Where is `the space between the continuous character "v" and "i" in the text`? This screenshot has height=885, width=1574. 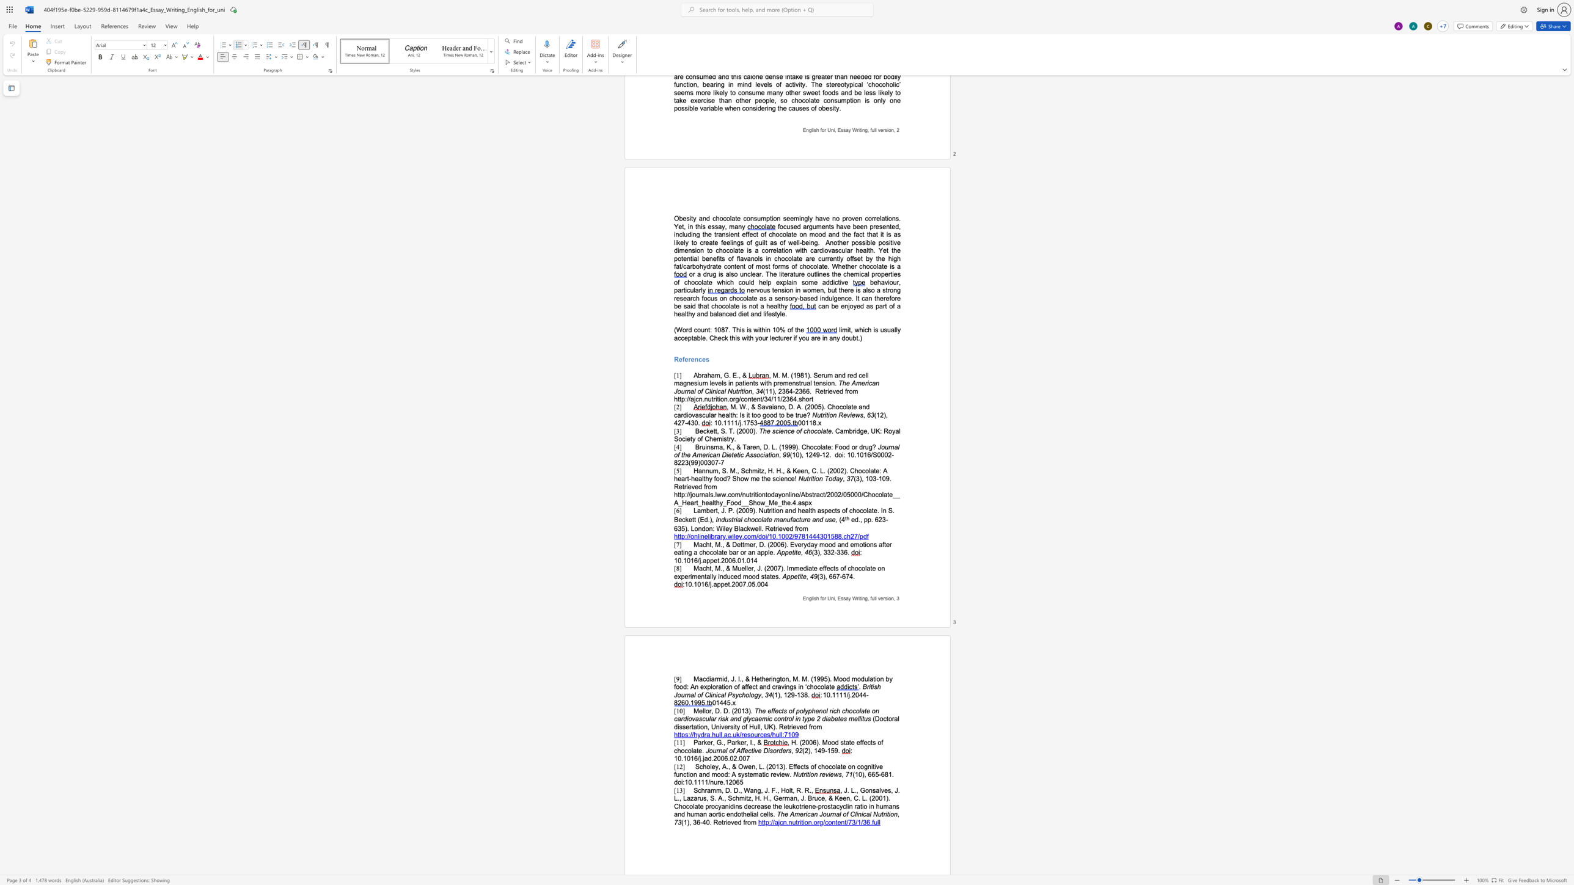
the space between the continuous character "v" and "i" in the text is located at coordinates (827, 774).